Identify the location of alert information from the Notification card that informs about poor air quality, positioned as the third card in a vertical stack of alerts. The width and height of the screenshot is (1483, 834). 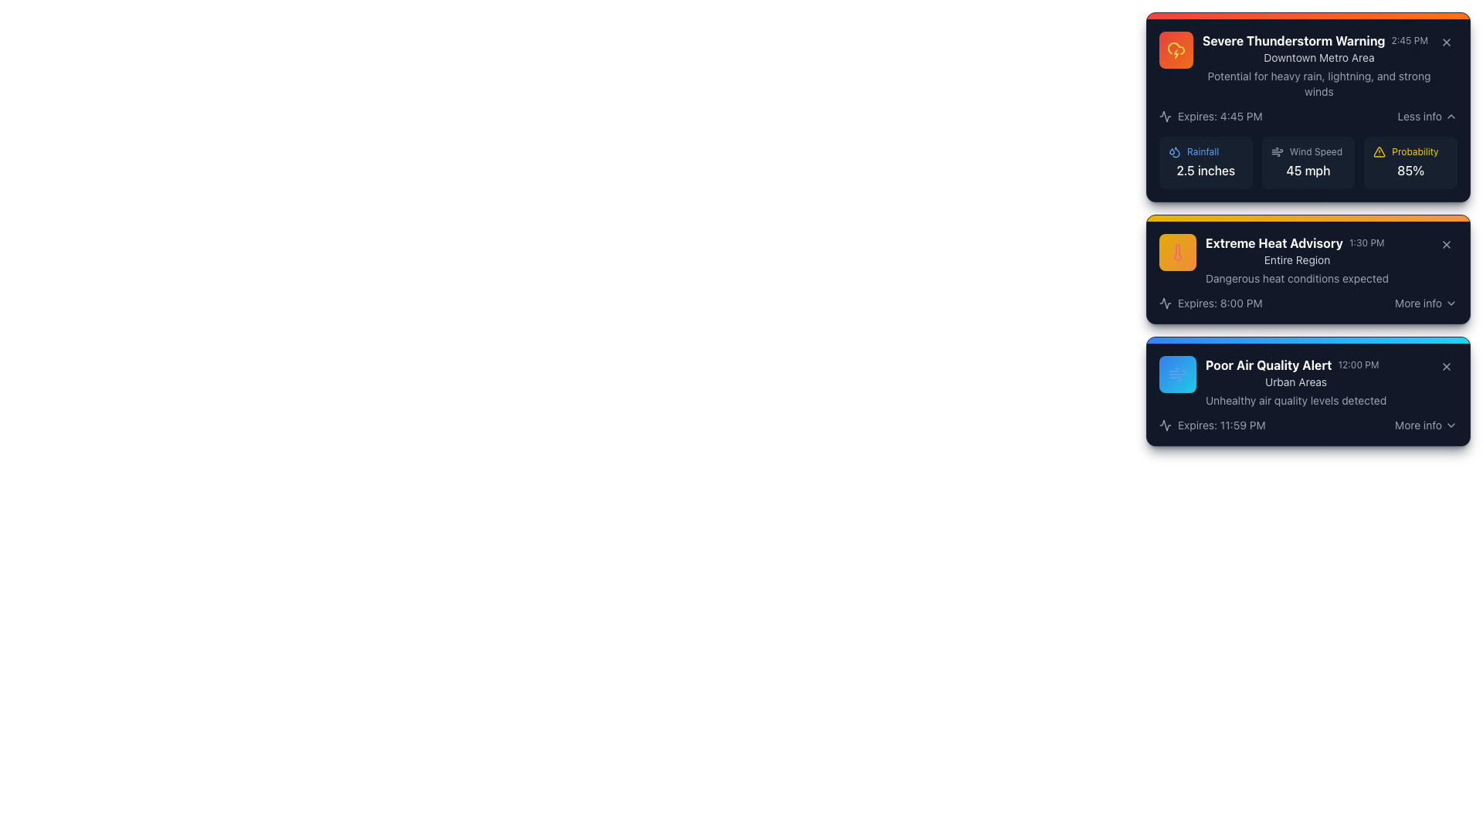
(1296, 381).